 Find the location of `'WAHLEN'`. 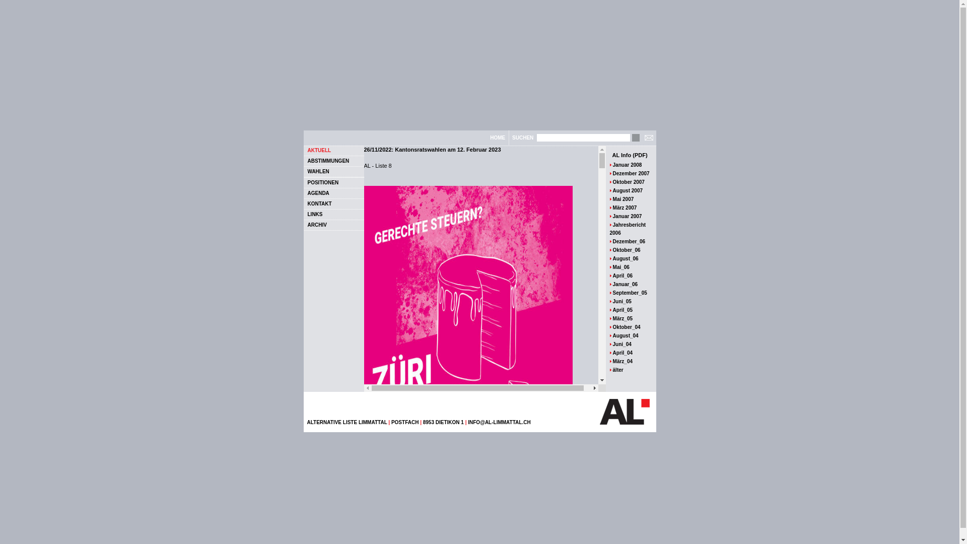

'WAHLEN' is located at coordinates (306, 170).